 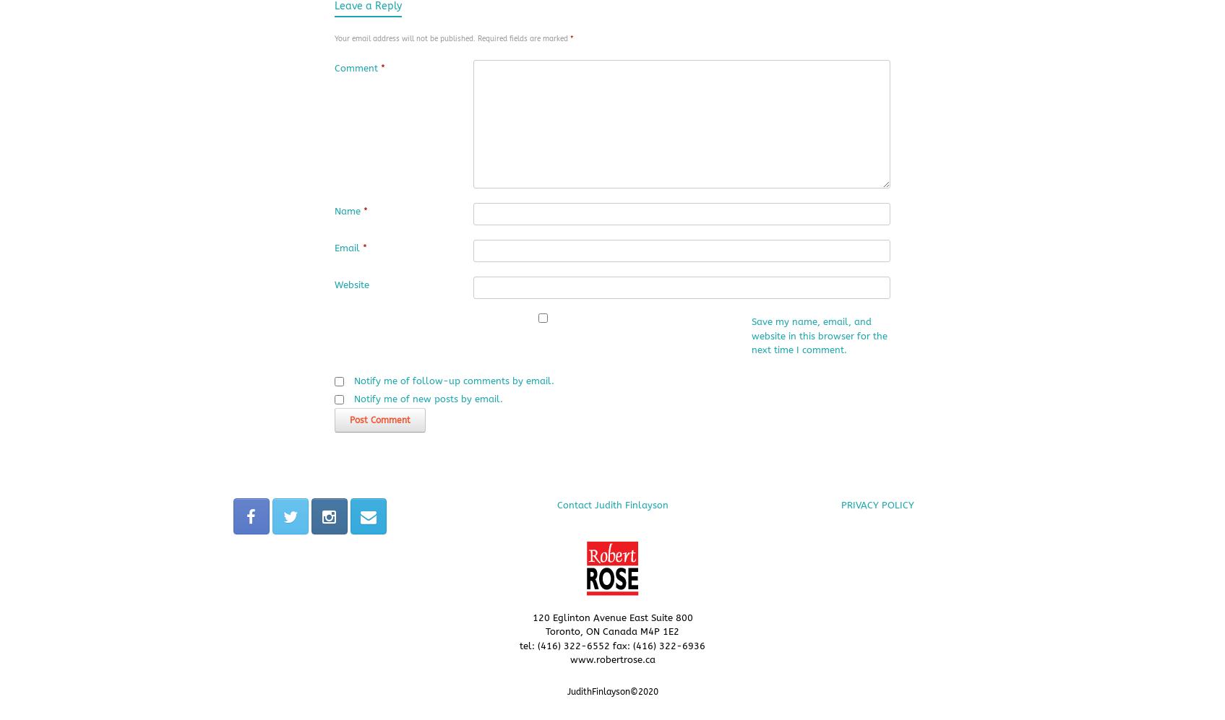 I want to click on 'Name', so click(x=348, y=211).